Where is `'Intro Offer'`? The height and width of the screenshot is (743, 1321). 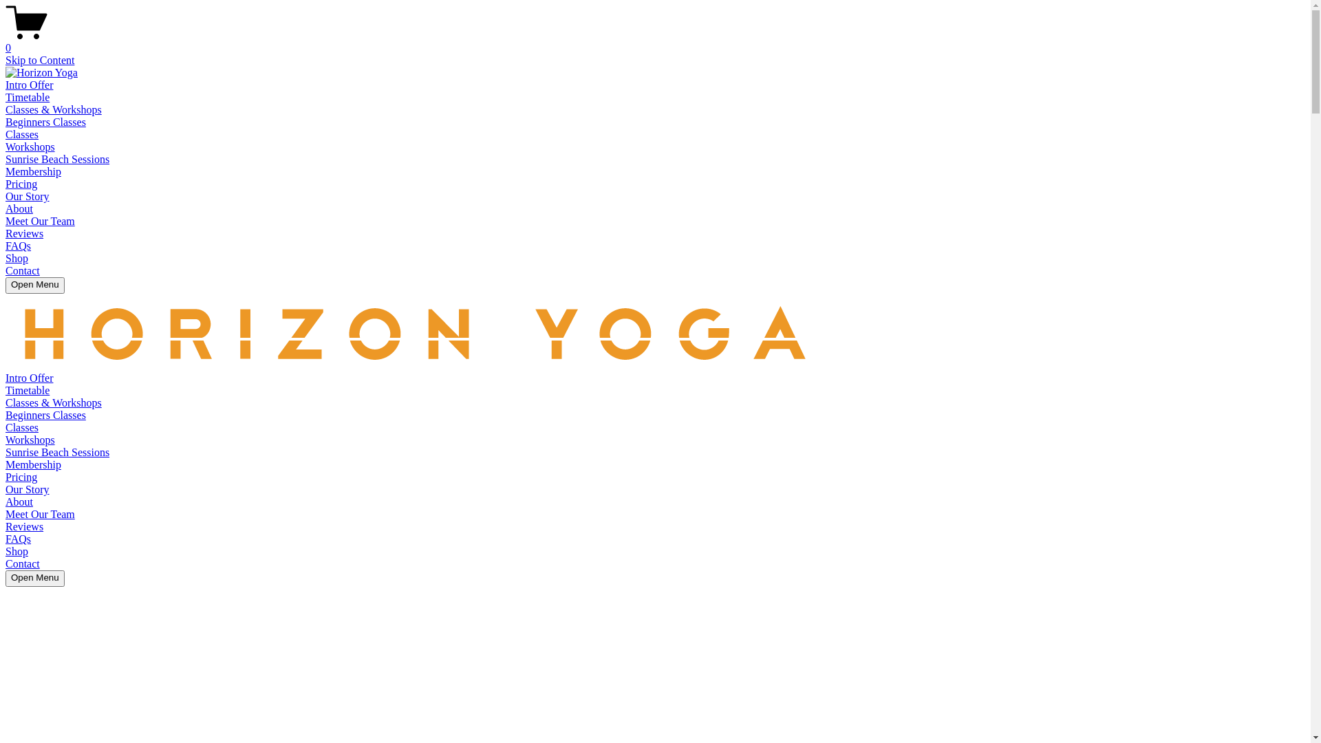 'Intro Offer' is located at coordinates (29, 85).